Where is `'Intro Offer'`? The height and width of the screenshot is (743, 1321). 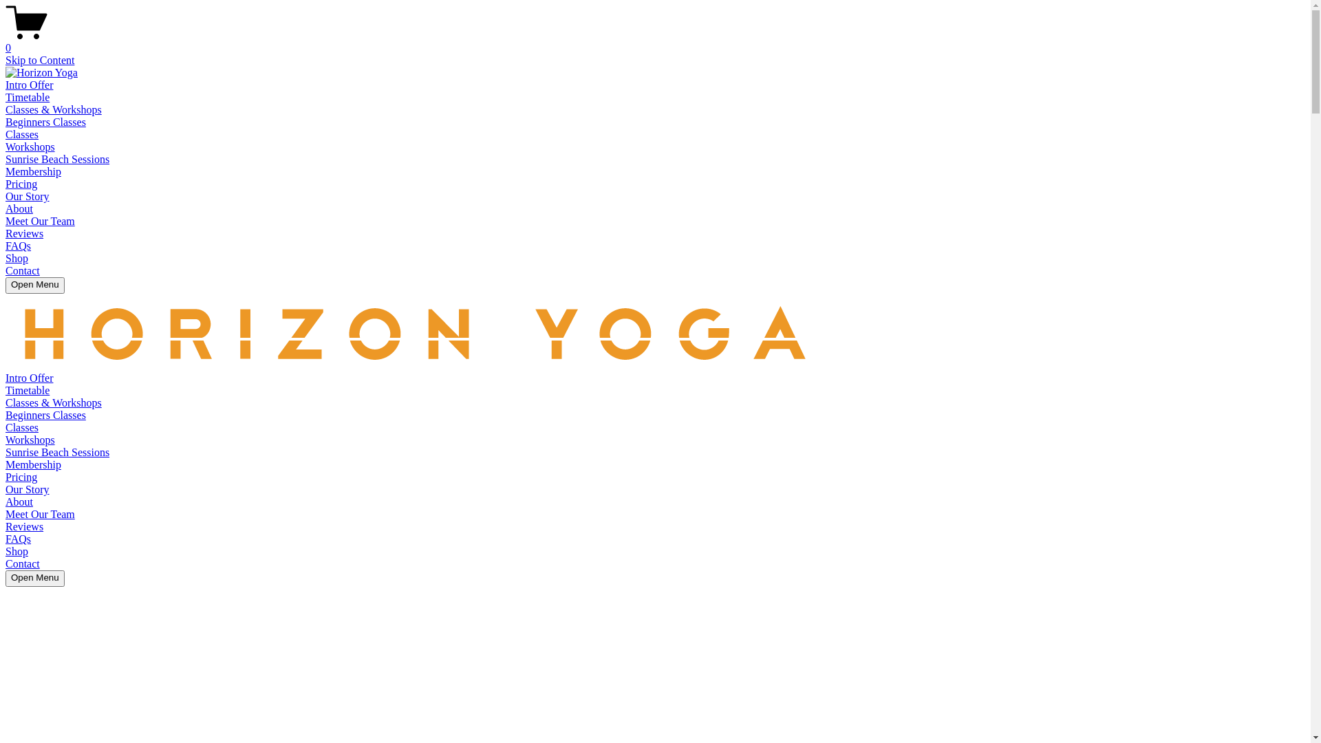 'Intro Offer' is located at coordinates (29, 85).